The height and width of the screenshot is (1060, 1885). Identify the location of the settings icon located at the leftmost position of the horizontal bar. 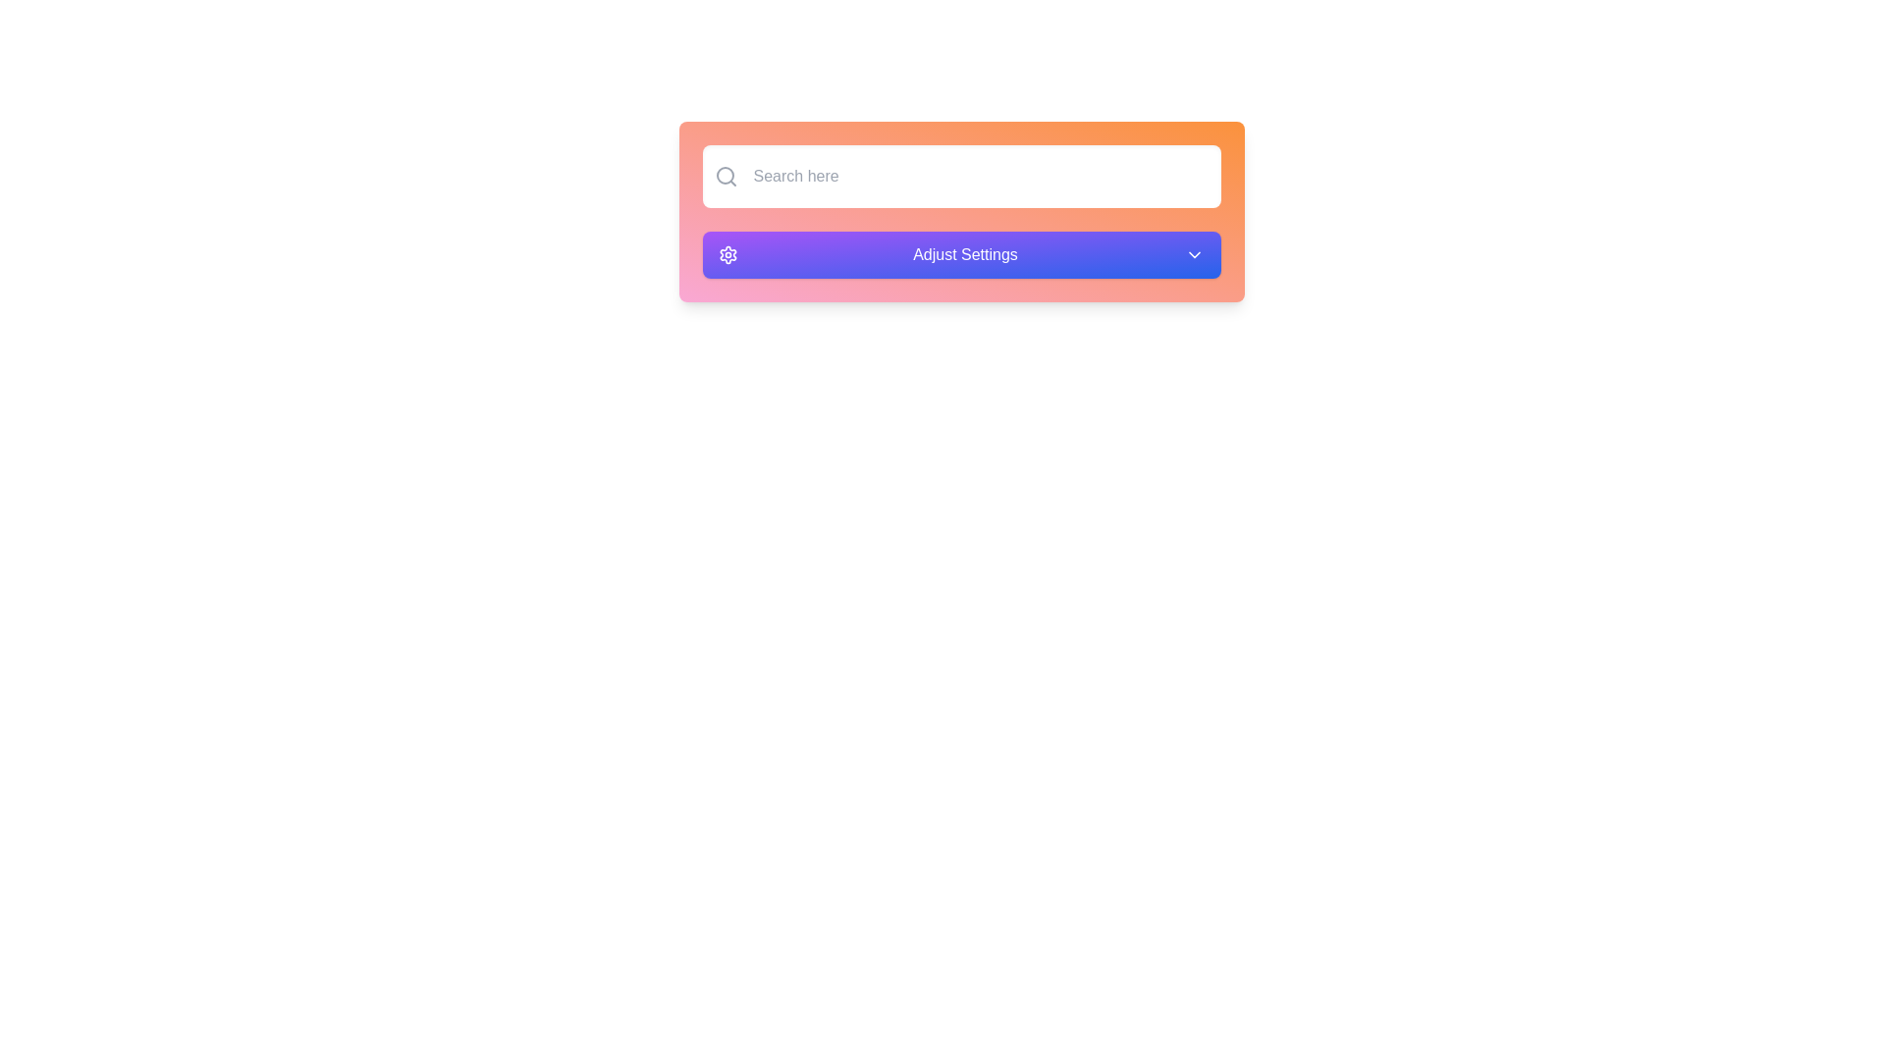
(727, 253).